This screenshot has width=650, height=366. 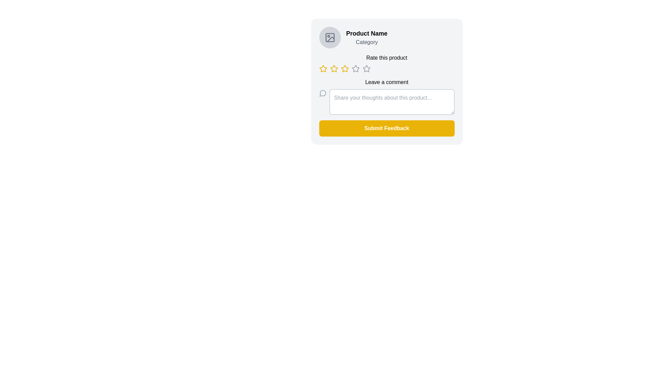 What do you see at coordinates (345, 68) in the screenshot?
I see `the third rating star in the series of five stars located below the 'Rate this product' text` at bounding box center [345, 68].